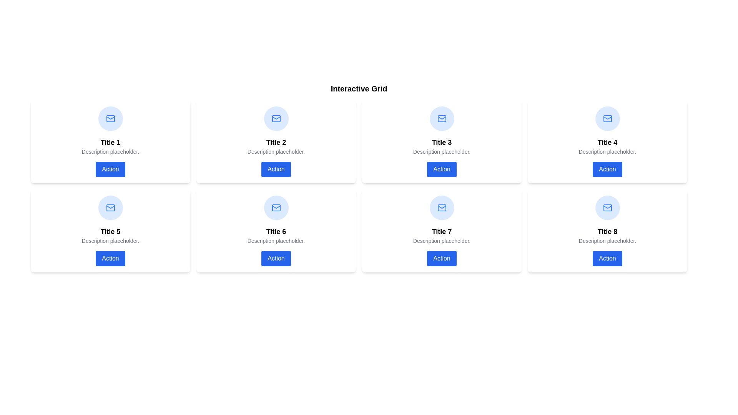  What do you see at coordinates (110, 118) in the screenshot?
I see `the mail indicator icon located in the top-left of the grid, directly above the text 'Title 1'` at bounding box center [110, 118].